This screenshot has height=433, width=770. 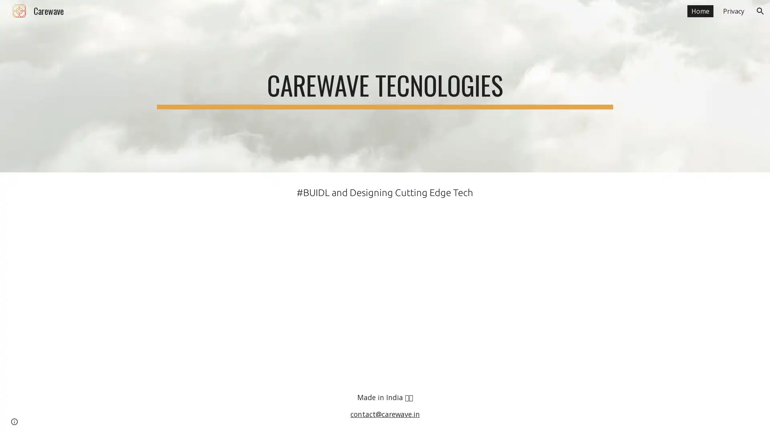 I want to click on Report abuse, so click(x=73, y=419).